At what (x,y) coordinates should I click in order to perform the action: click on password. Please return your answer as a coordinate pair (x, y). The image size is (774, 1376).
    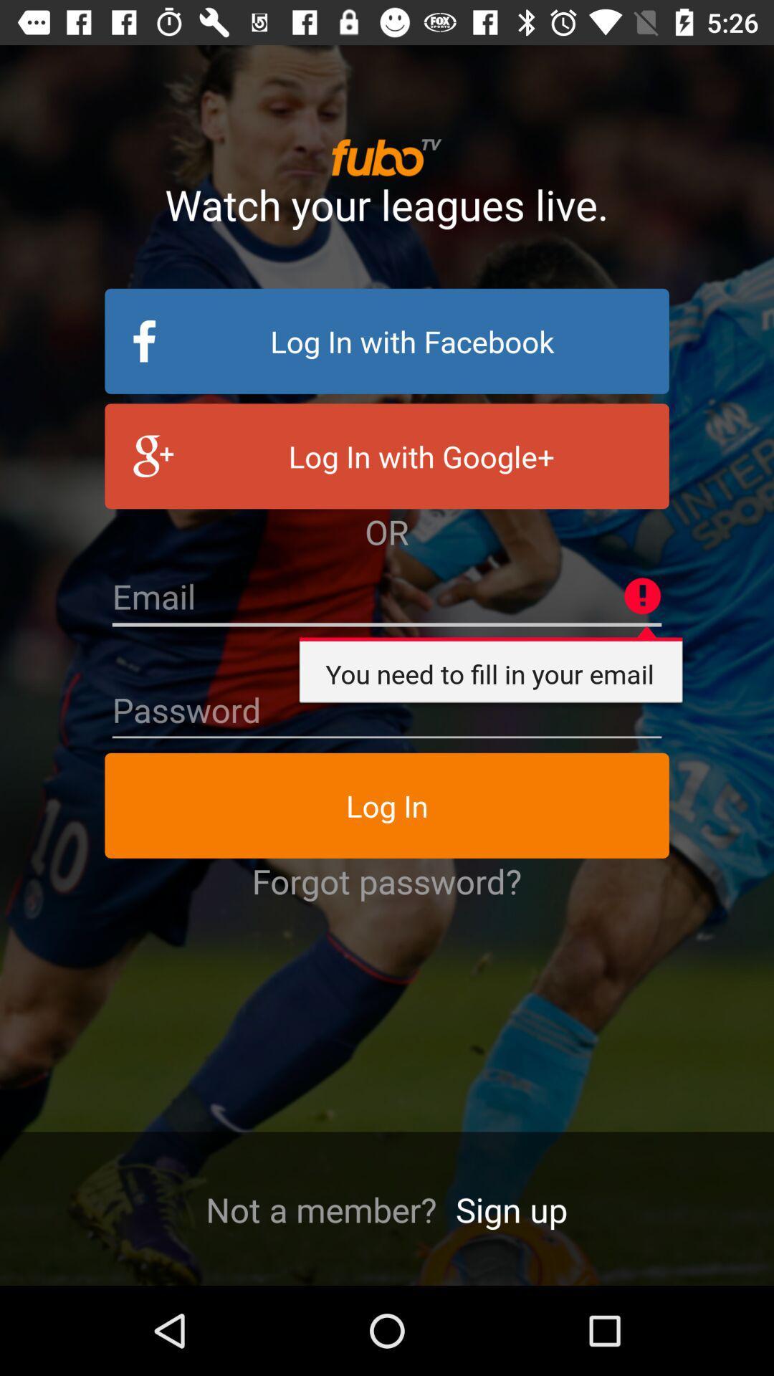
    Looking at the image, I should click on (387, 710).